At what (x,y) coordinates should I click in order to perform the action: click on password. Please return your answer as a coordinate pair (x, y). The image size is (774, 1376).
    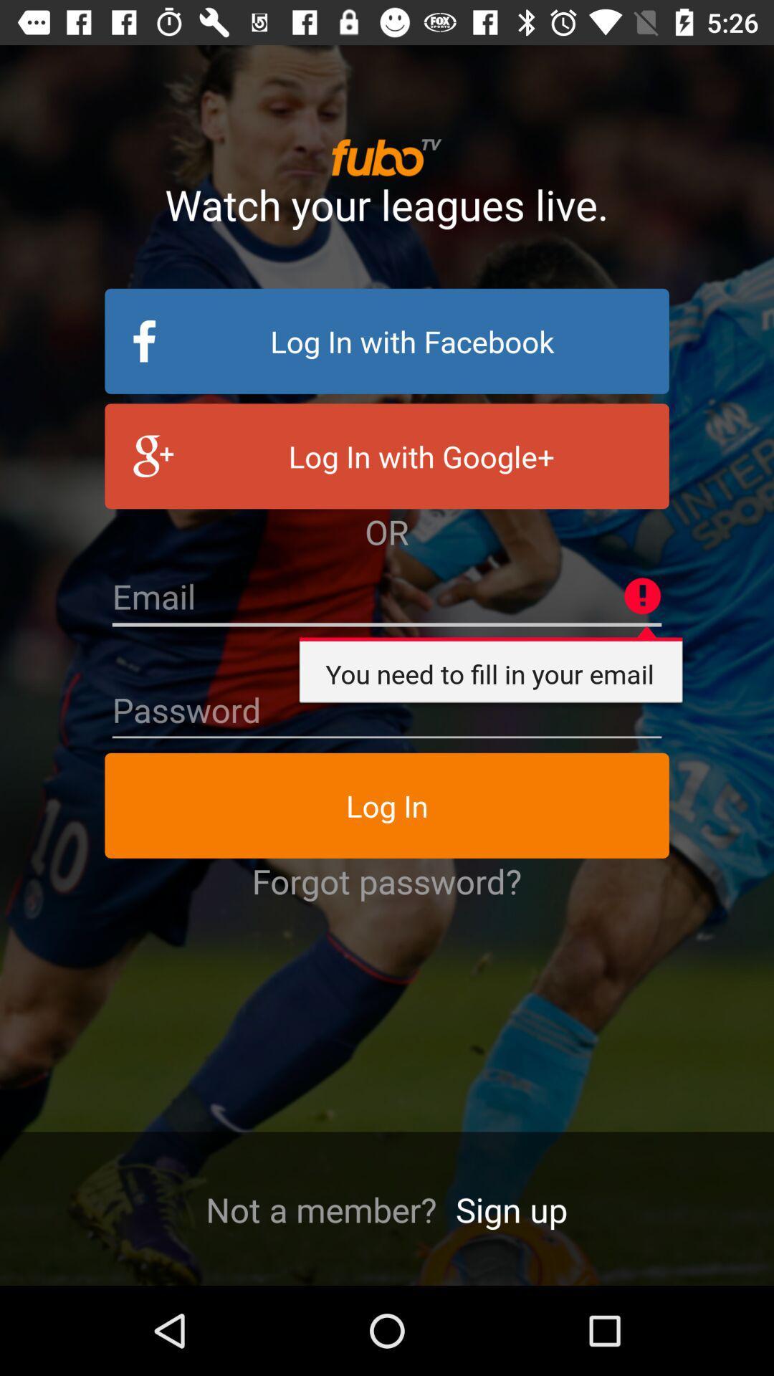
    Looking at the image, I should click on (387, 710).